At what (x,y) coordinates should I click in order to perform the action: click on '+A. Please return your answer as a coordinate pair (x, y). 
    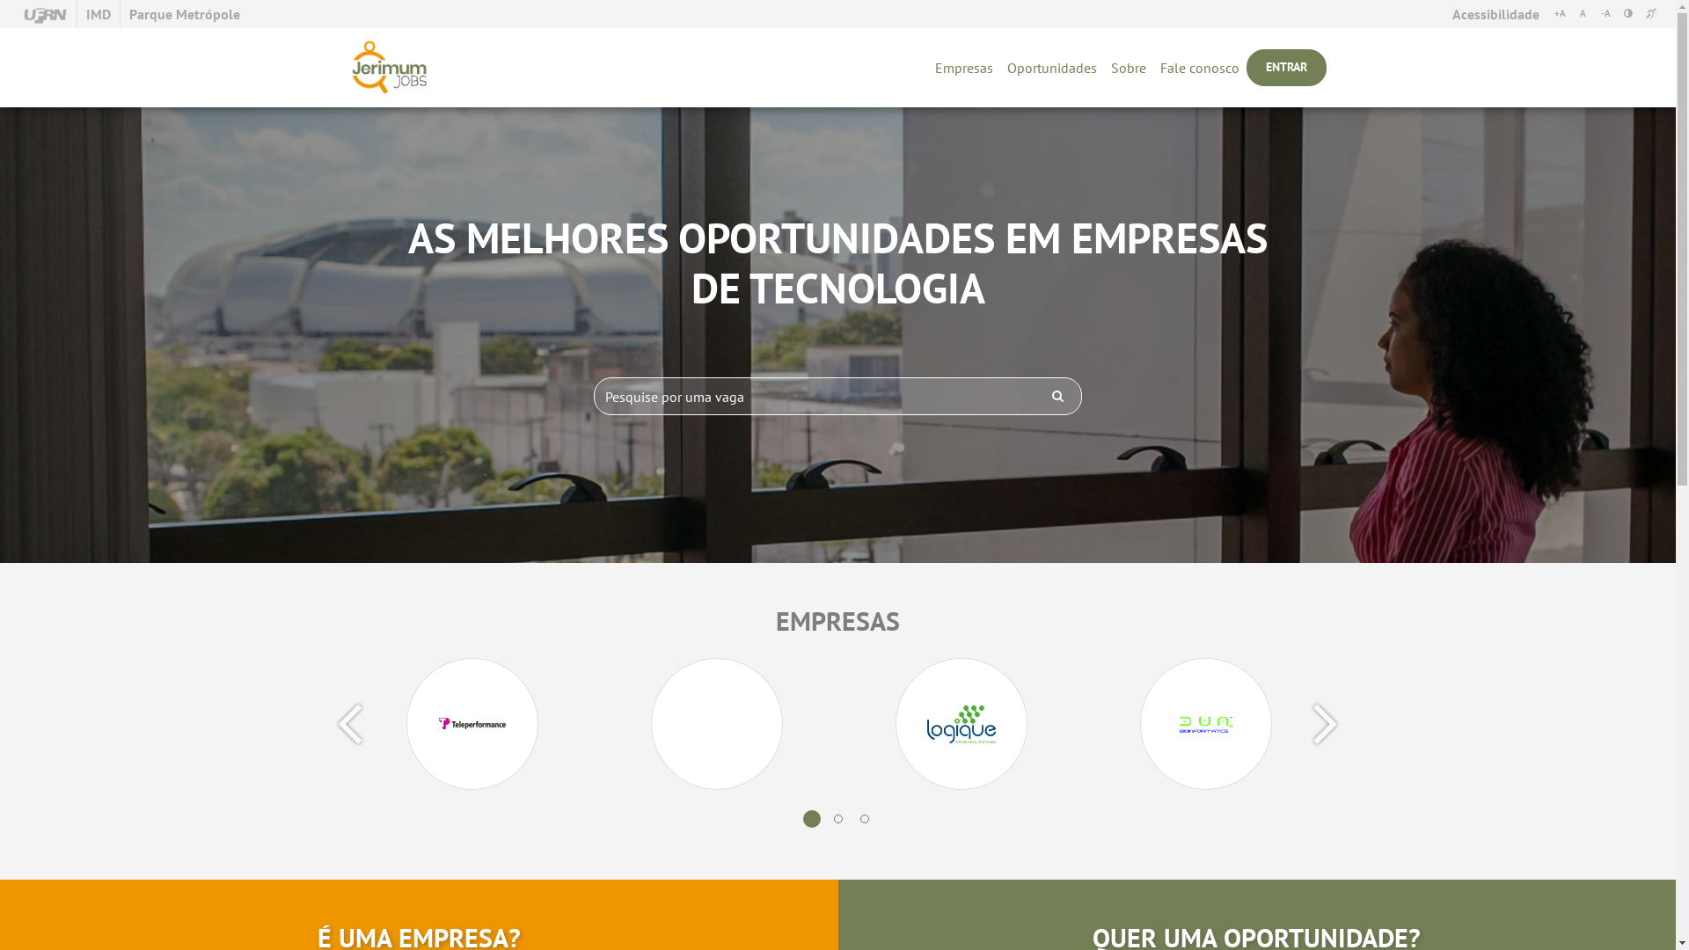
    Looking at the image, I should click on (1559, 13).